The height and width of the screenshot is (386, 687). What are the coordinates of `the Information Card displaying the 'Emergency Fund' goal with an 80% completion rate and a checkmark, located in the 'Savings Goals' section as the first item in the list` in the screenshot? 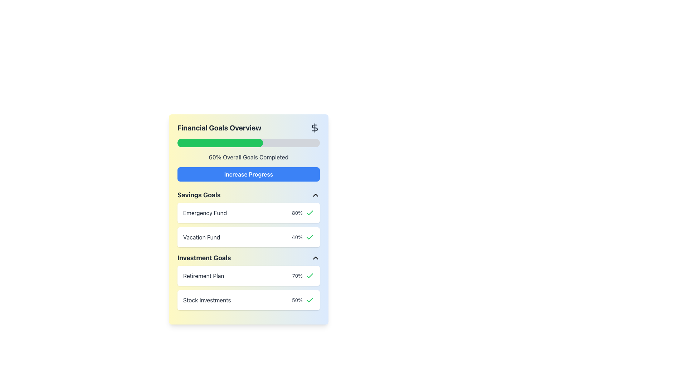 It's located at (249, 213).